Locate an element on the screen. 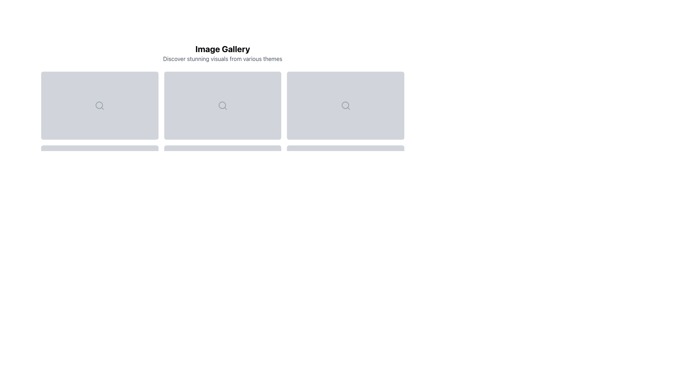  the magnifying glass icon, which is a minimalistic light gray circular design with a handle pointing downward to the right, to initiate the search action is located at coordinates (222, 105).